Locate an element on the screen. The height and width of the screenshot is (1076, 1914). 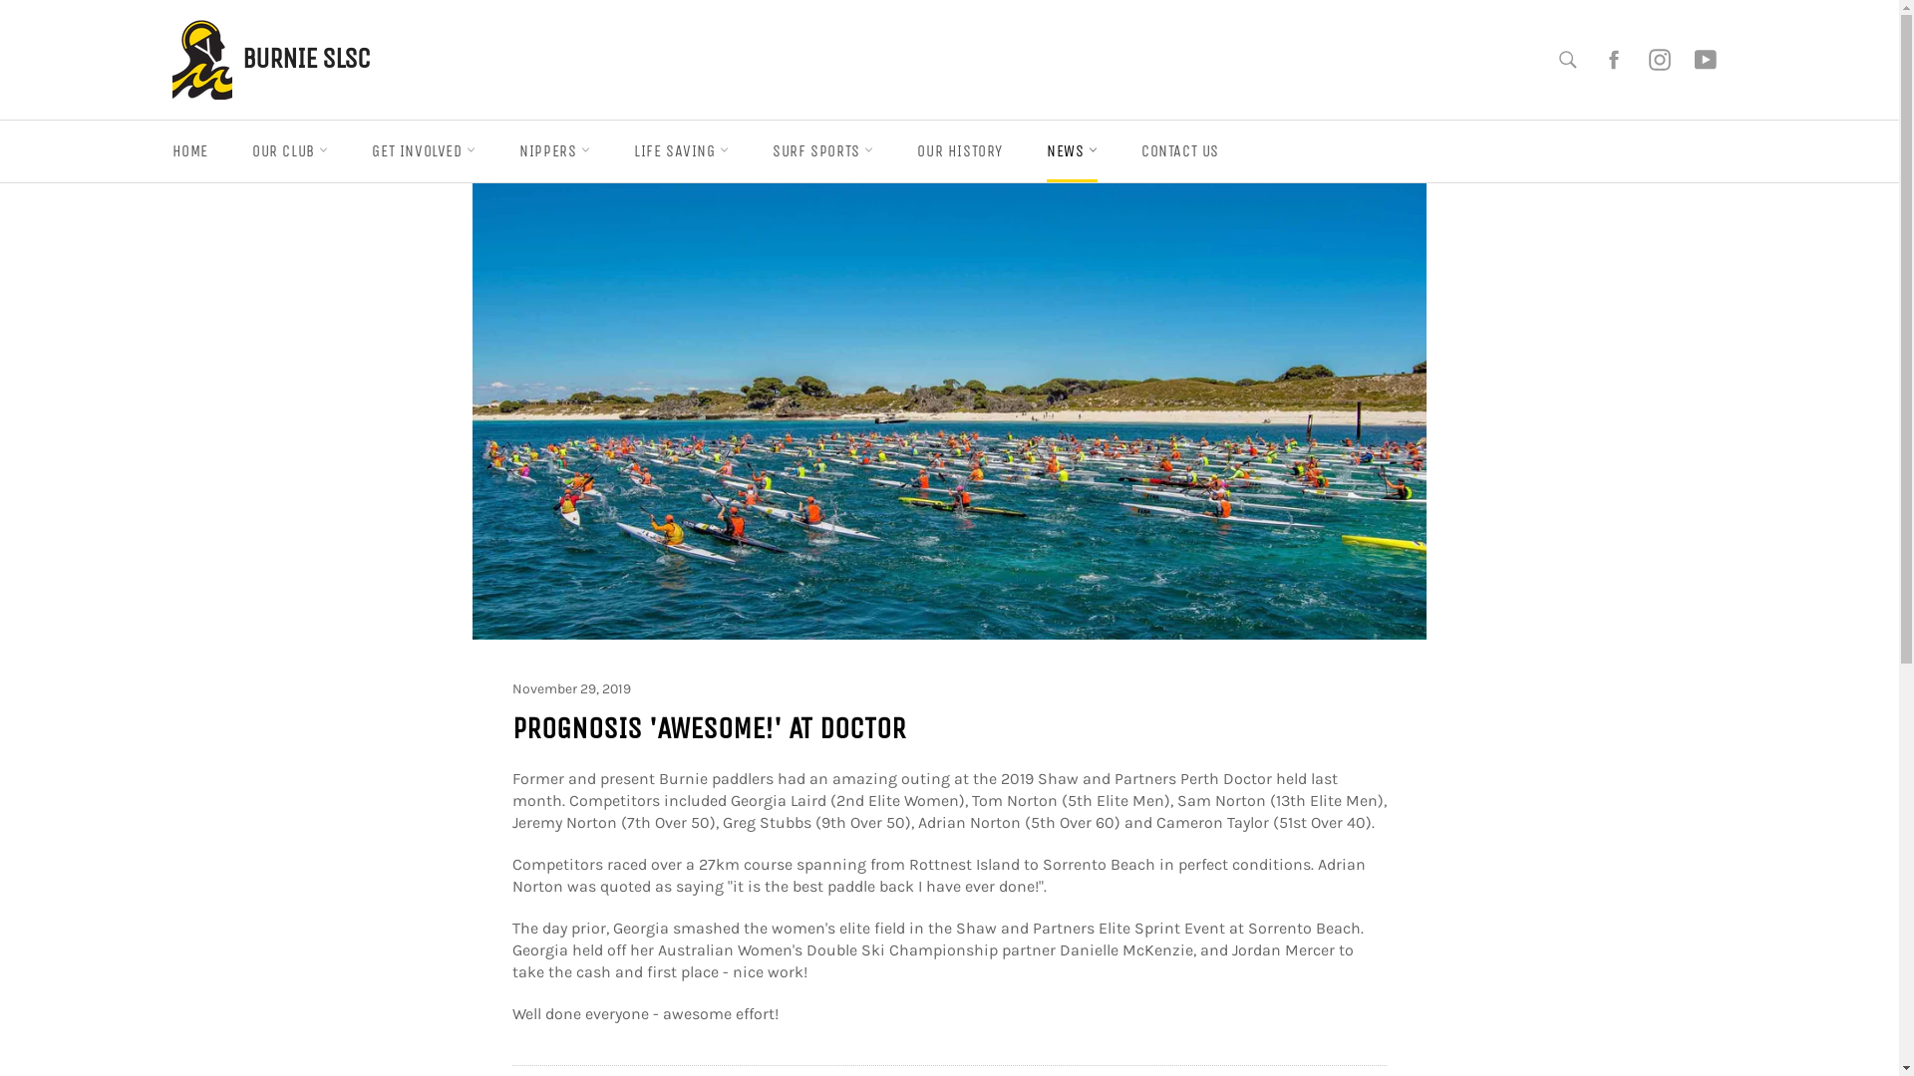
'NEWS' is located at coordinates (1071, 149).